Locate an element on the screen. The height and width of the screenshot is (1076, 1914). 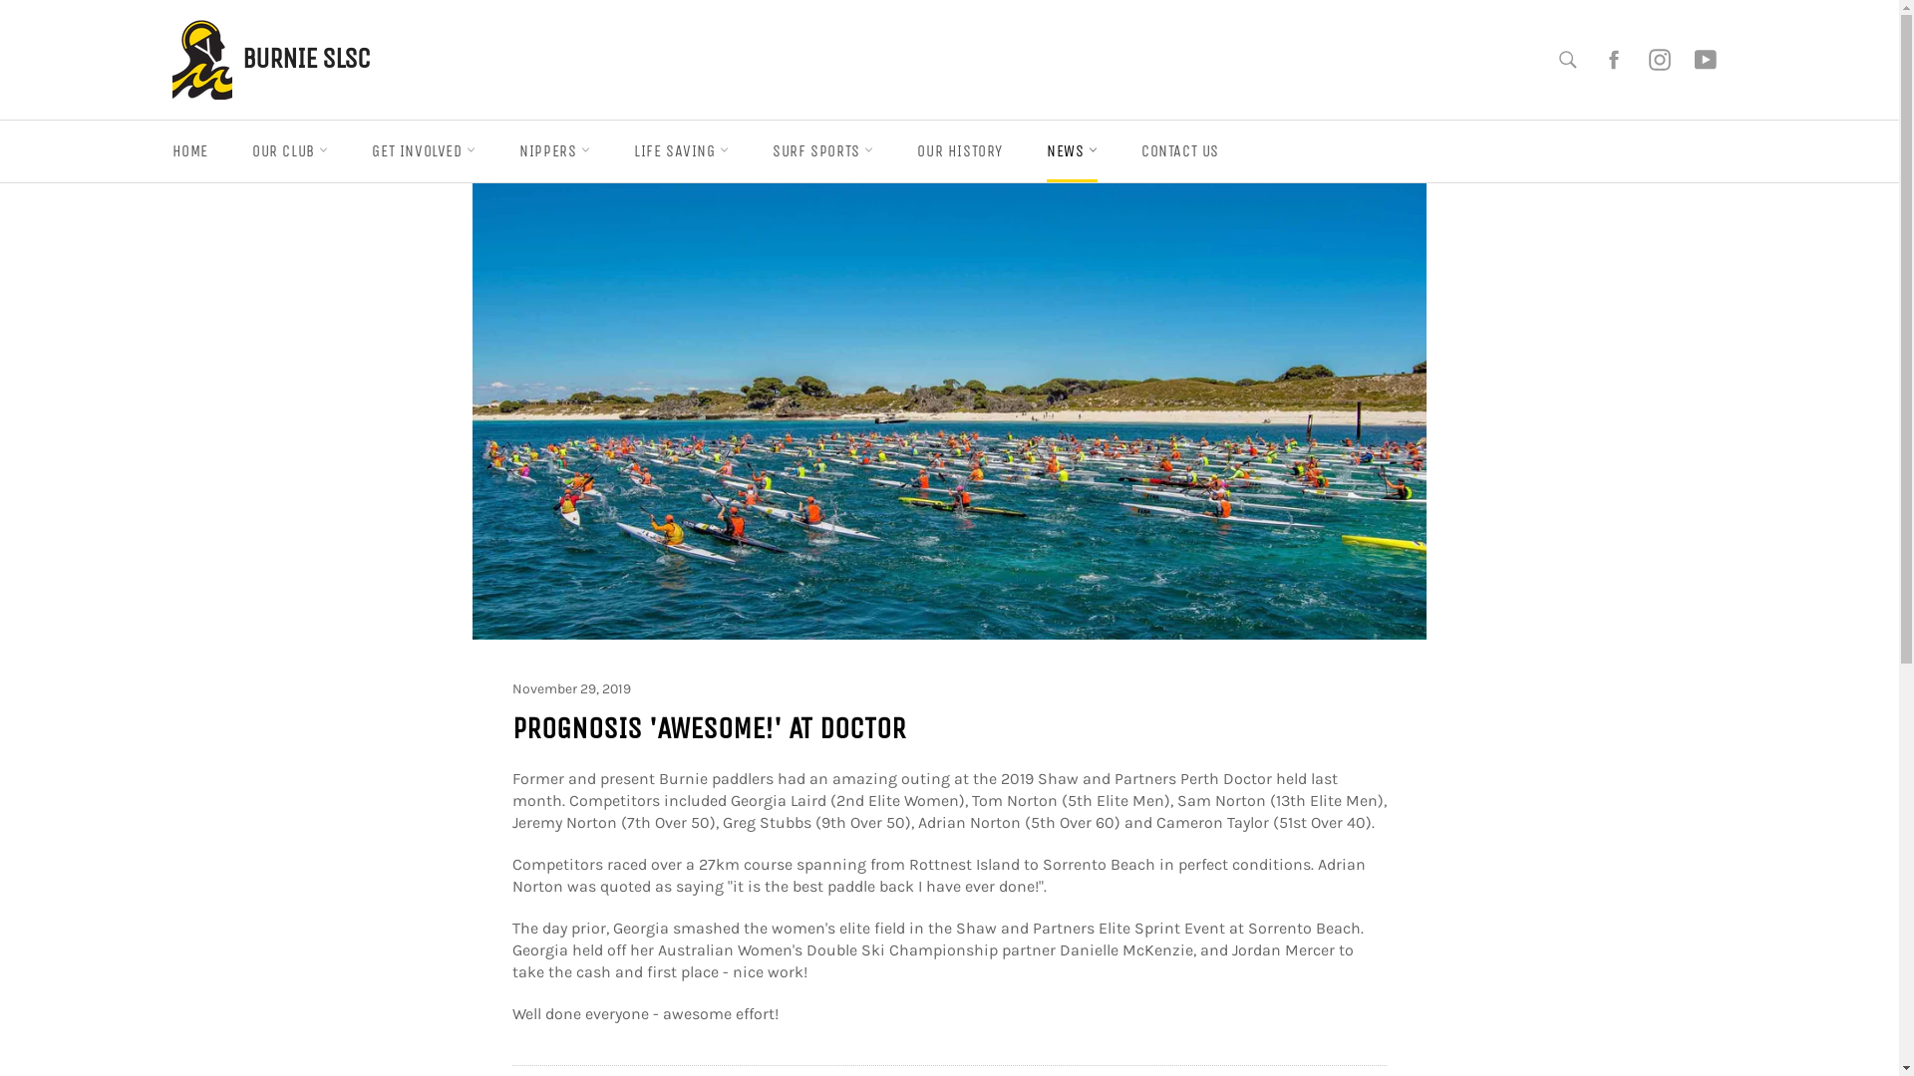
'NEWS' is located at coordinates (1071, 149).